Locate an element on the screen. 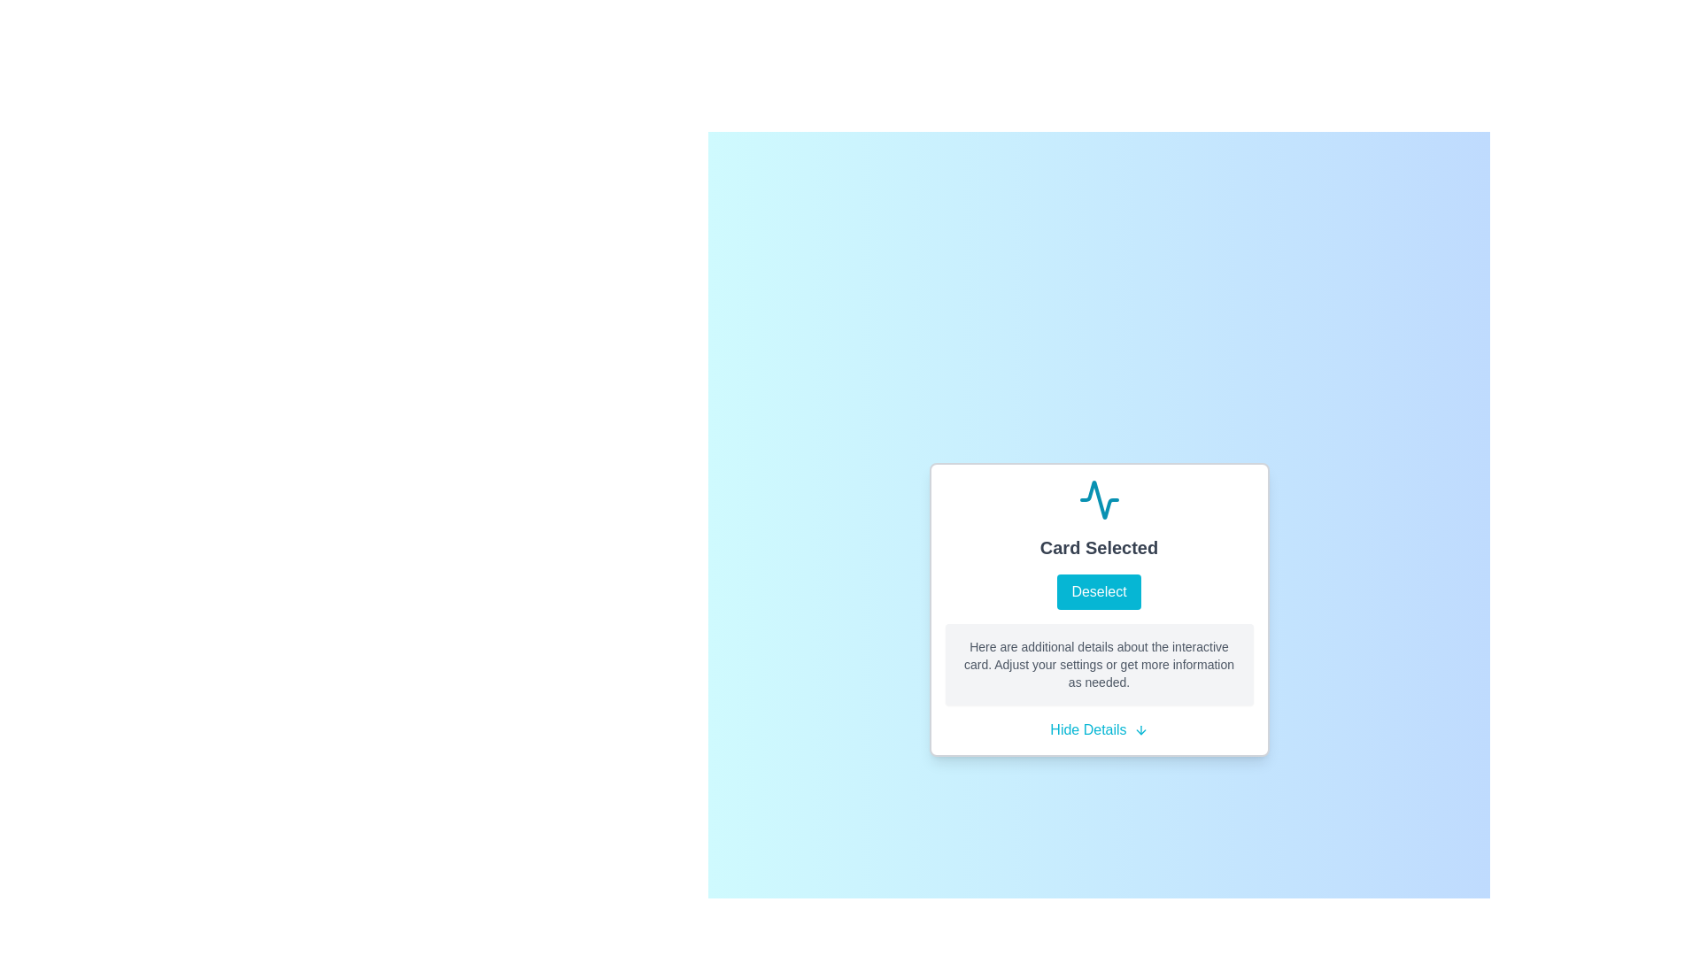  the 'Hide Details' text button to trigger the hover color change effect, which is displayed in cyan-blue font color is located at coordinates (1087, 730).